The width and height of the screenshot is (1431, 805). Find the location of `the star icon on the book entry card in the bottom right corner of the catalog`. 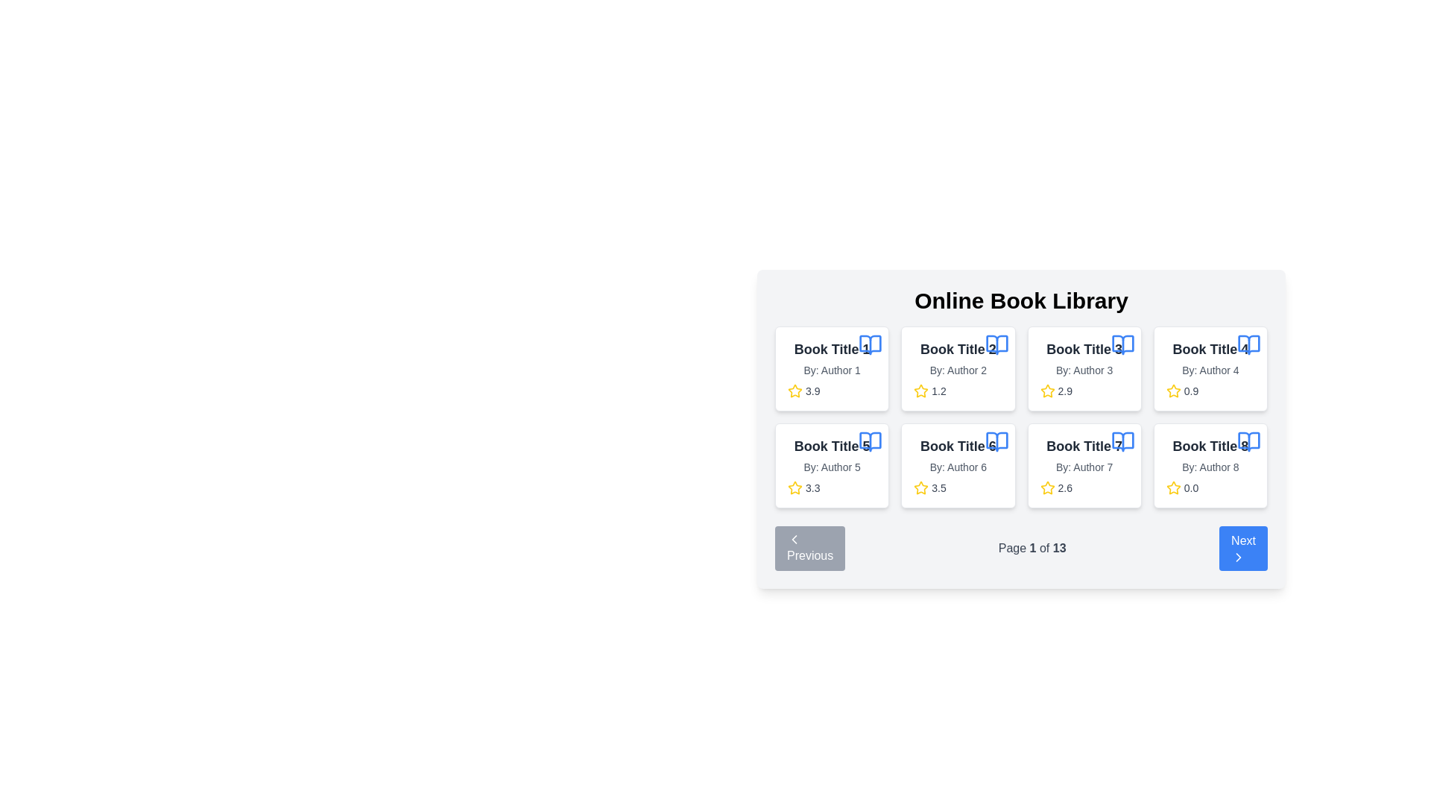

the star icon on the book entry card in the bottom right corner of the catalog is located at coordinates (1210, 464).